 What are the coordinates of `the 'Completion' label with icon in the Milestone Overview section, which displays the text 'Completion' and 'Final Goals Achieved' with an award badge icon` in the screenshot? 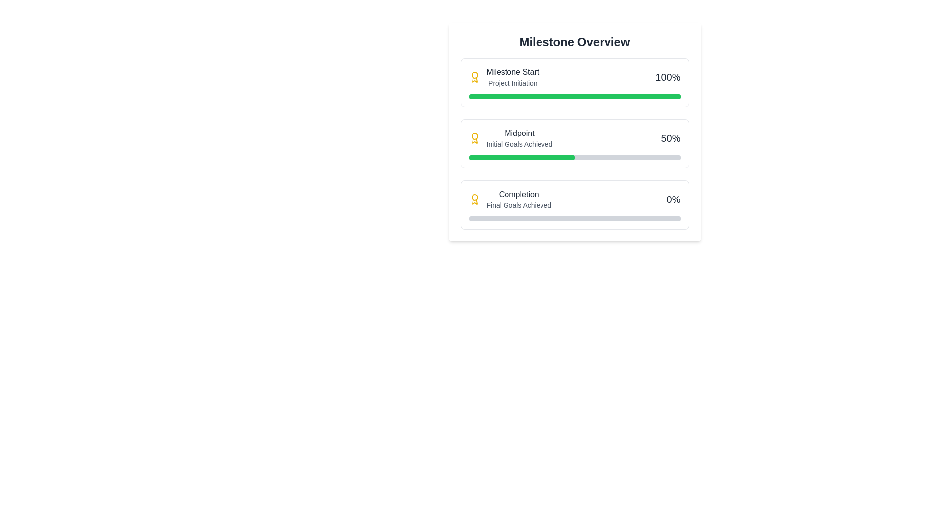 It's located at (510, 199).